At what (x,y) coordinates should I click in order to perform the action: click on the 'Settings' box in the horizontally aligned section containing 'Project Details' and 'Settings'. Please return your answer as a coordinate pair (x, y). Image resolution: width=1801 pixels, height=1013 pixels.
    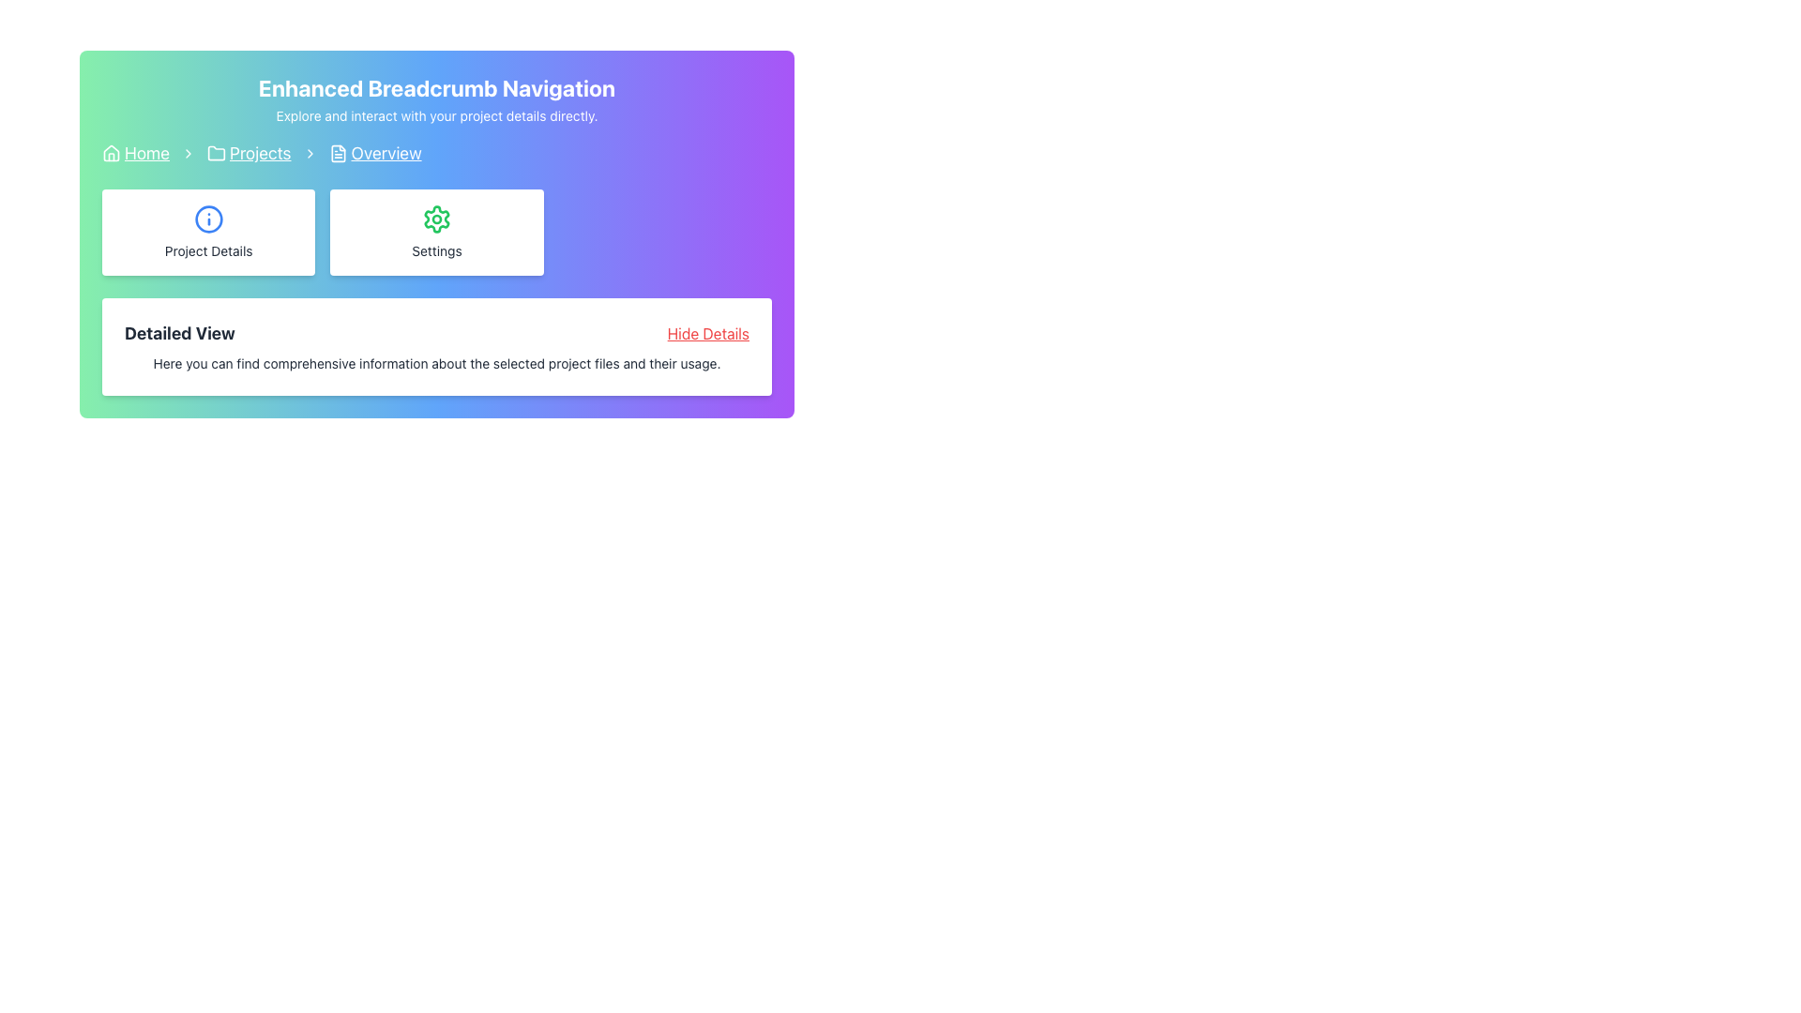
    Looking at the image, I should click on (435, 231).